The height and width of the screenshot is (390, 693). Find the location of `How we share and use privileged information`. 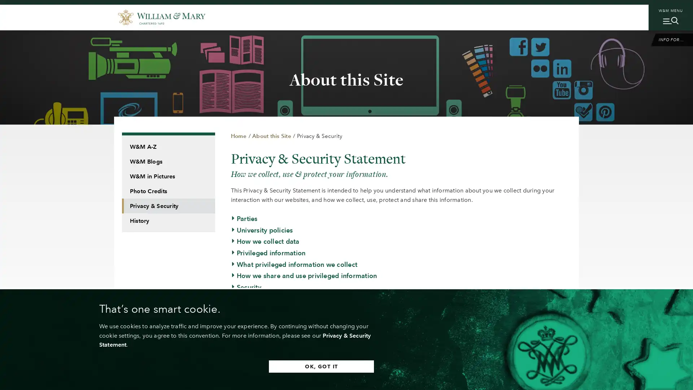

How we share and use privileged information is located at coordinates (304, 276).